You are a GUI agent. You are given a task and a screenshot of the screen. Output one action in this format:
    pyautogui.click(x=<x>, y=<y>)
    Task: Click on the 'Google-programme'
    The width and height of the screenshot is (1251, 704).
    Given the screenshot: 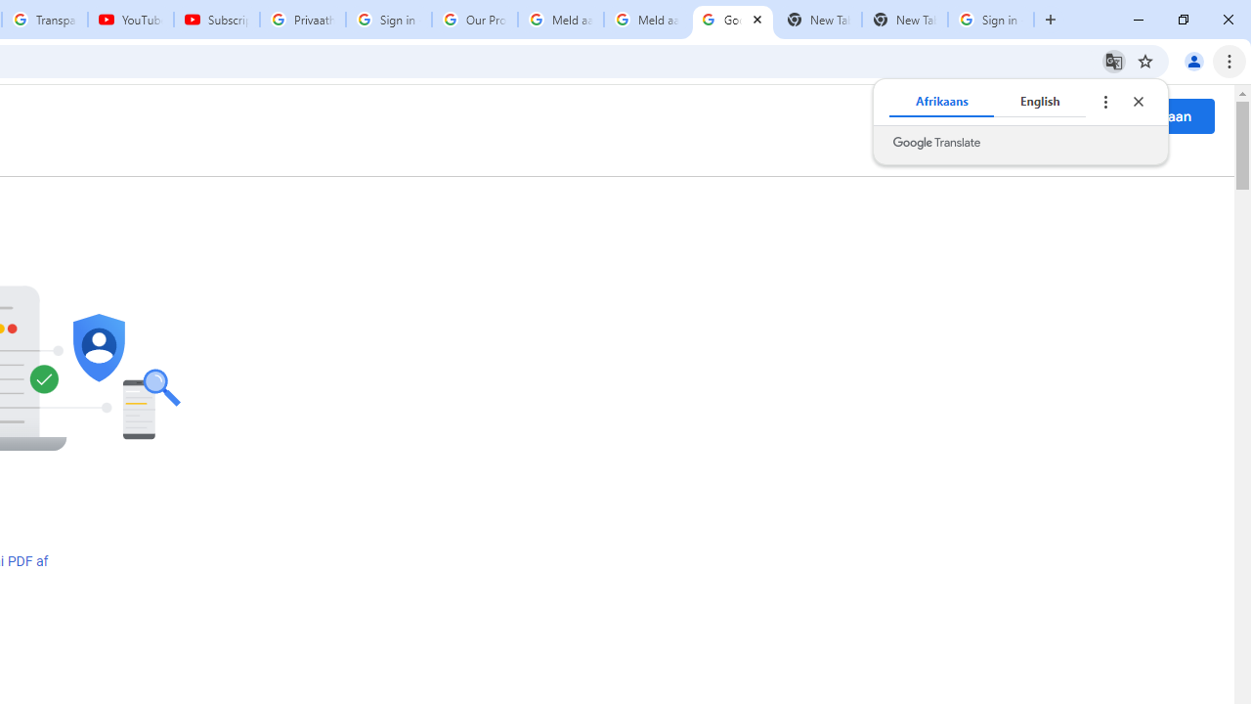 What is the action you would take?
    pyautogui.click(x=1076, y=116)
    